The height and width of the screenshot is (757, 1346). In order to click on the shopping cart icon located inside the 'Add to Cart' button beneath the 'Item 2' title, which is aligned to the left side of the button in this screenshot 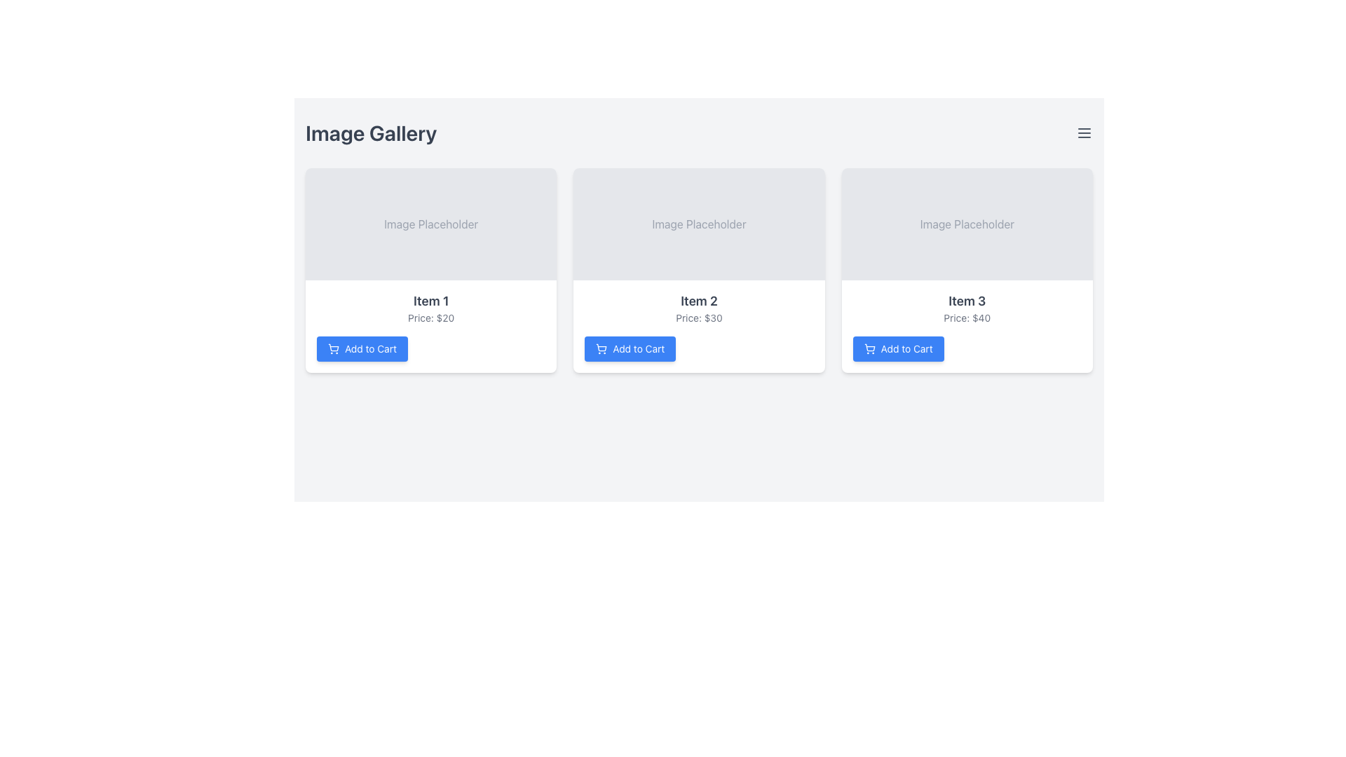, I will do `click(601, 348)`.